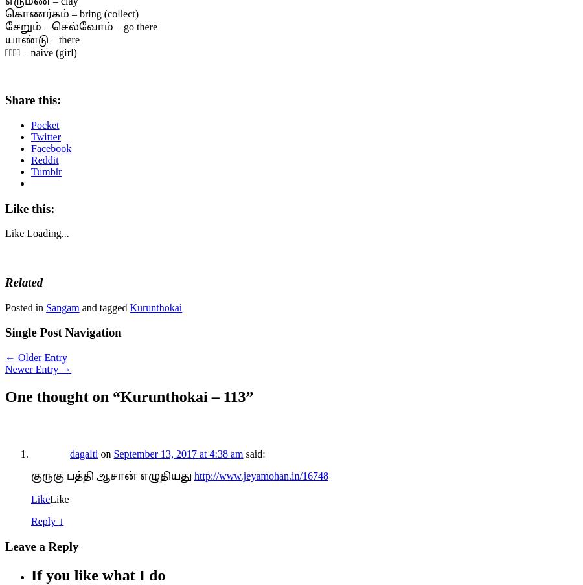  Describe the element at coordinates (26, 232) in the screenshot. I see `'Loading...'` at that location.